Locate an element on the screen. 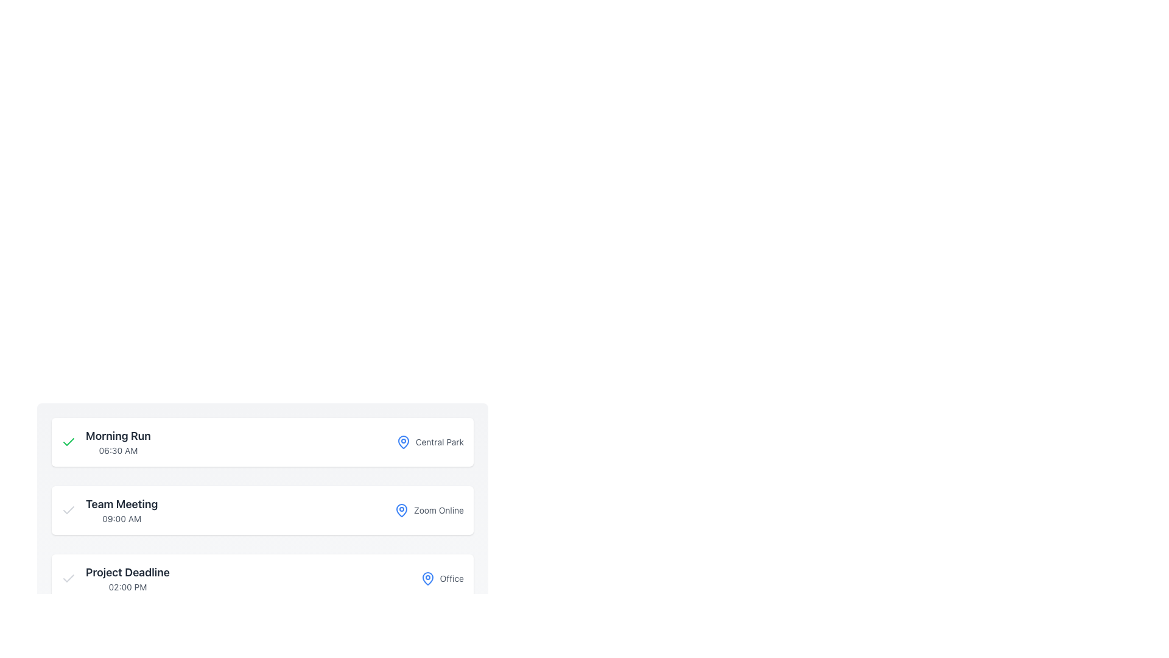 The image size is (1169, 658). the green checkmark icon located in the top-left corner of the 'Morning Run' event card, which is styled with a thin border and rounded edges is located at coordinates (68, 442).